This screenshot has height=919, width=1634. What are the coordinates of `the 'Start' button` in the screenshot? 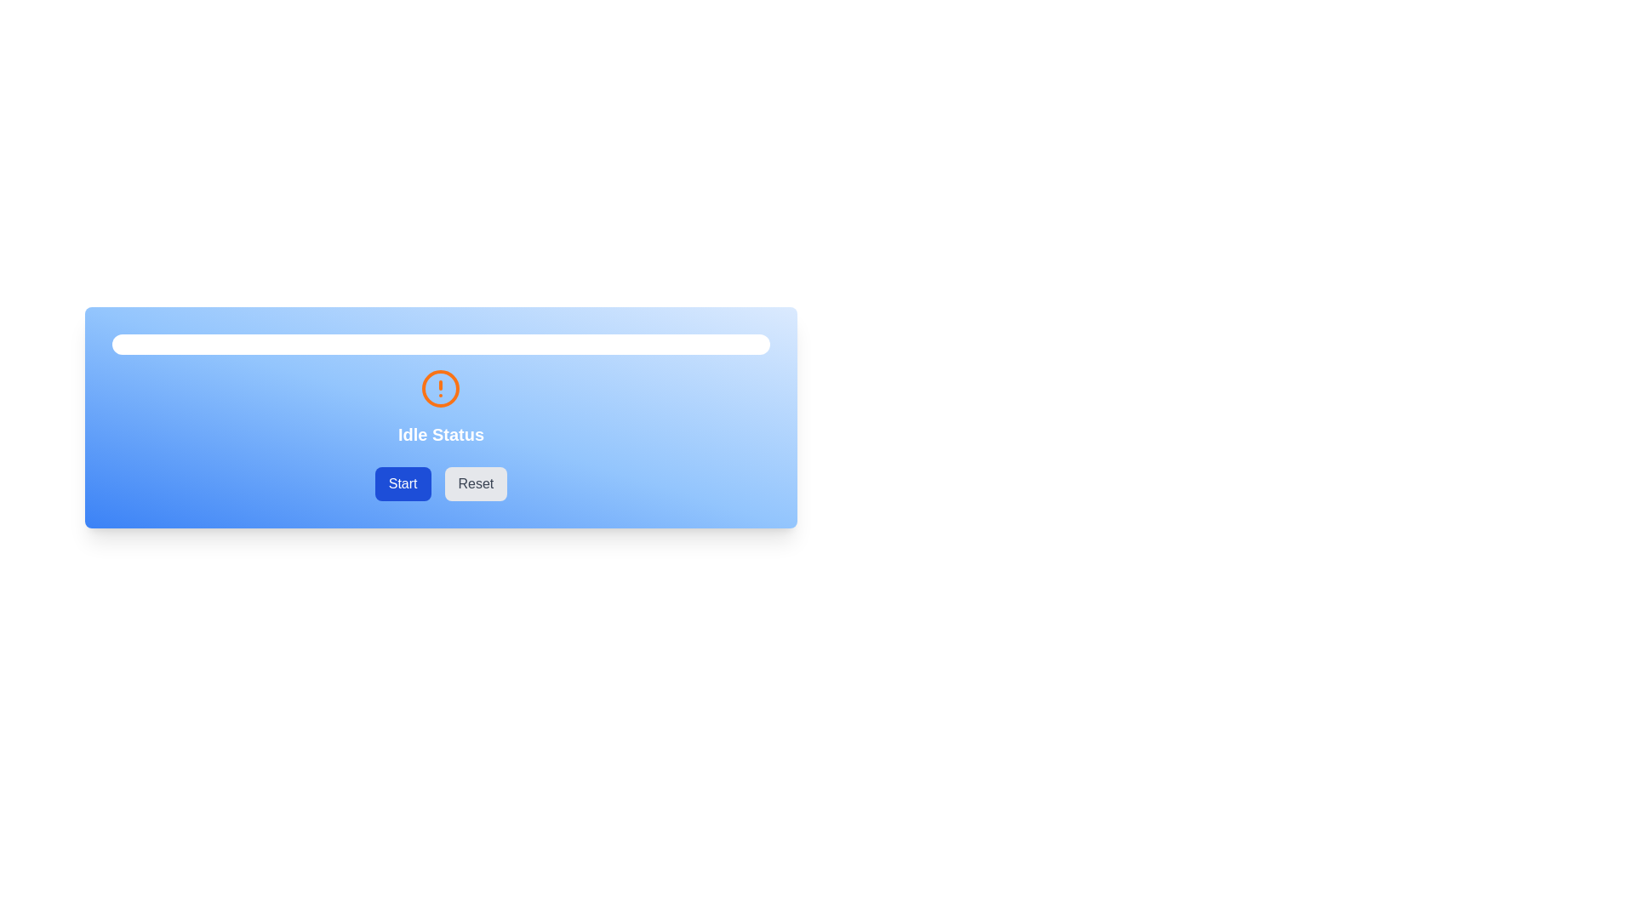 It's located at (402, 484).